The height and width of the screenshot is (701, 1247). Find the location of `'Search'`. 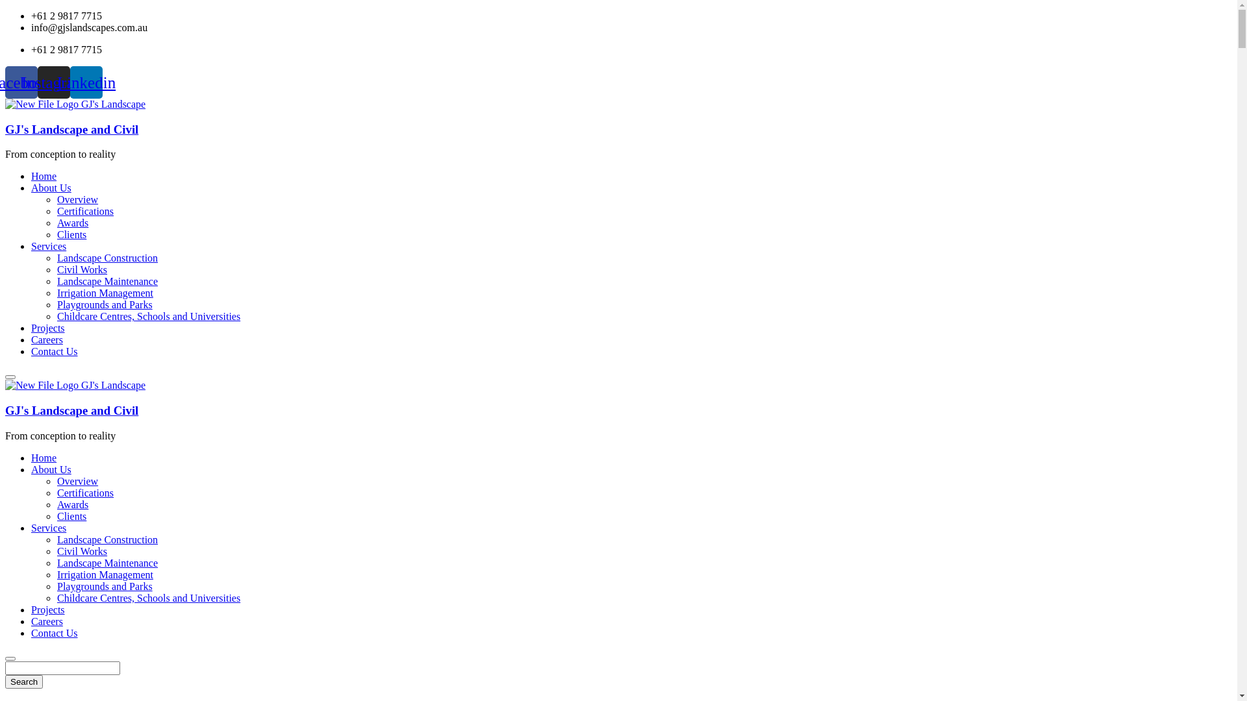

'Search' is located at coordinates (24, 681).